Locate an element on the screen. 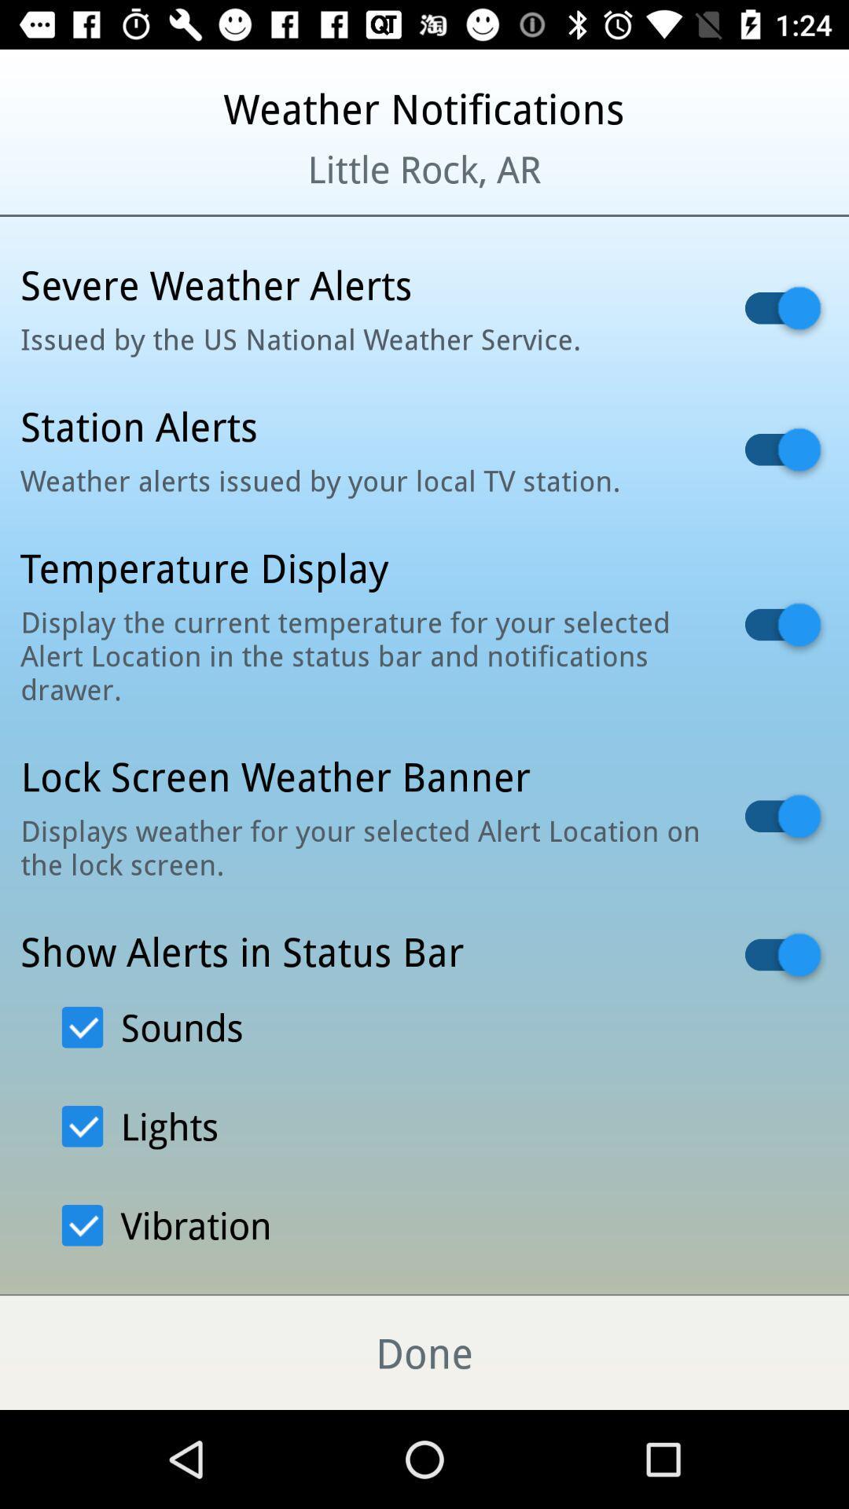 Image resolution: width=849 pixels, height=1509 pixels. icon above the lock screen weather is located at coordinates (362, 655).